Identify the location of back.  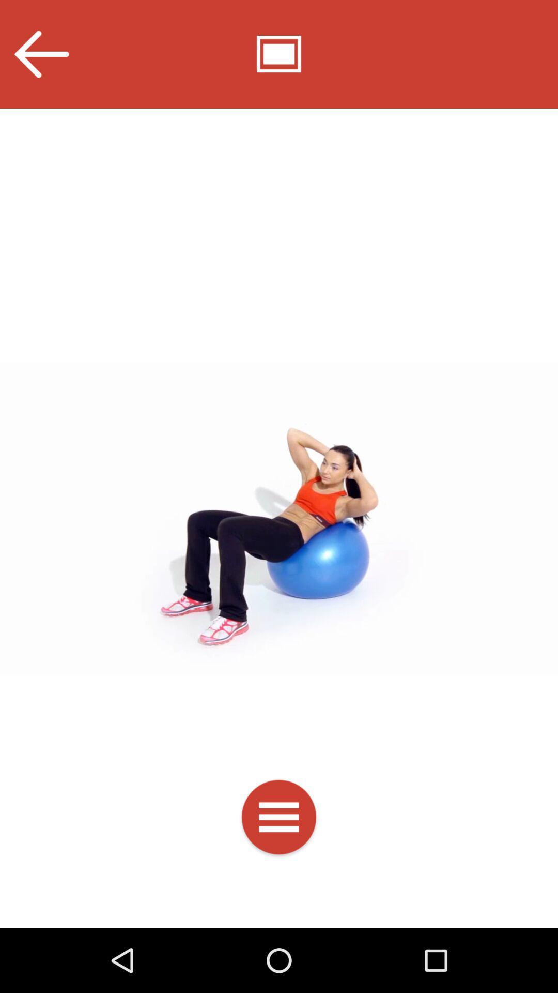
(40, 54).